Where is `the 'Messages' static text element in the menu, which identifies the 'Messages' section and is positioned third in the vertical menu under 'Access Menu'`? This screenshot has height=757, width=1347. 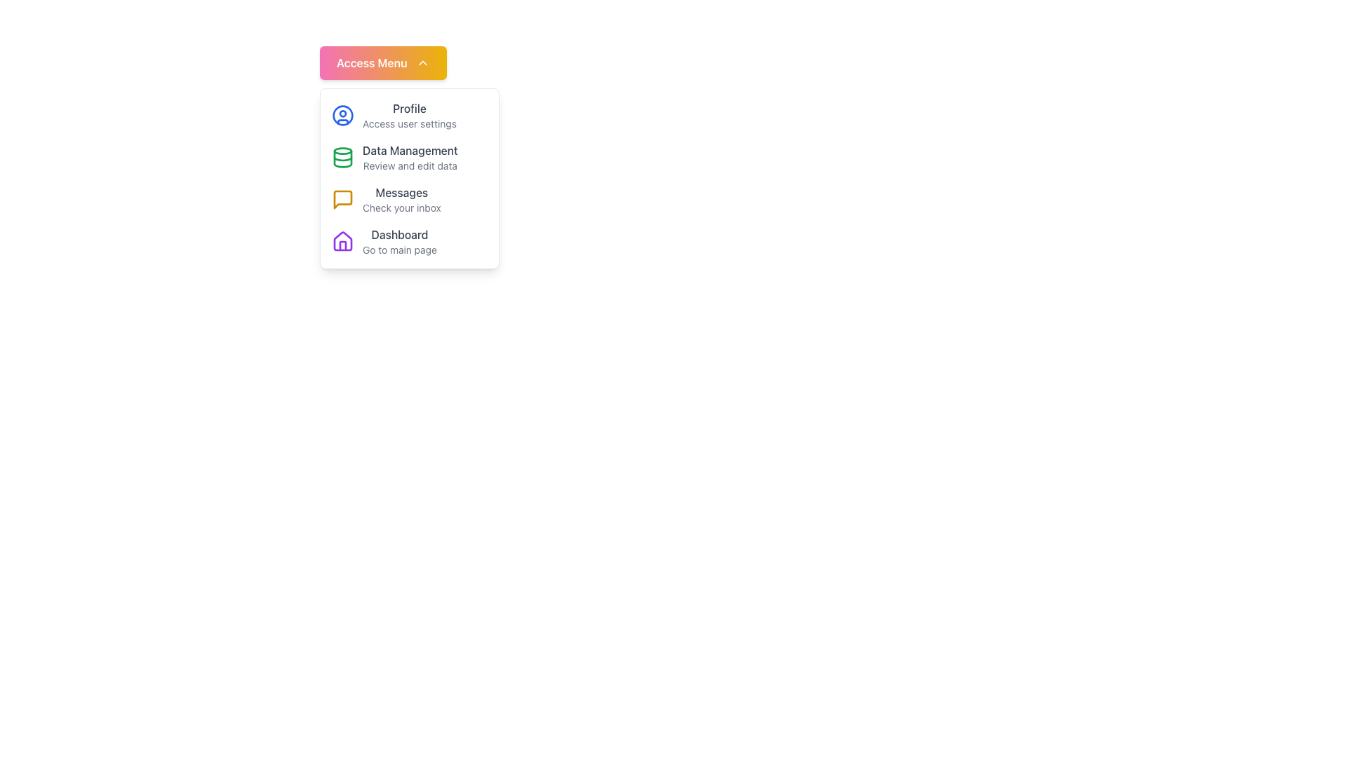 the 'Messages' static text element in the menu, which identifies the 'Messages' section and is positioned third in the vertical menu under 'Access Menu' is located at coordinates (401, 192).